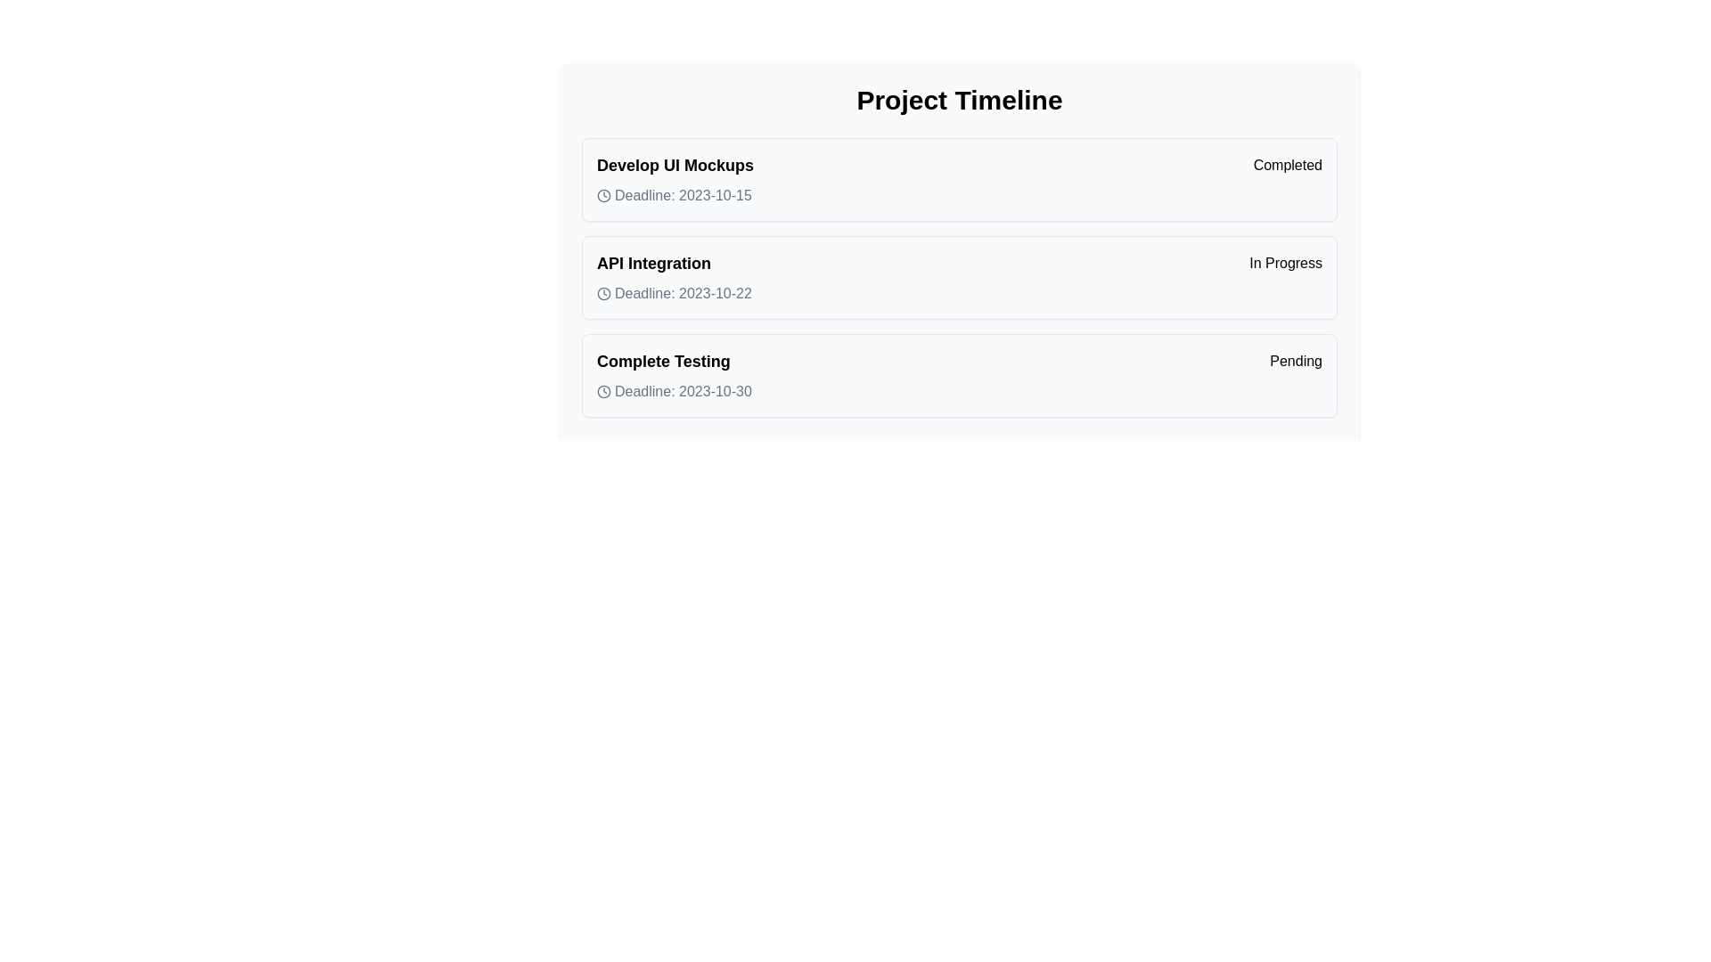 The image size is (1711, 962). What do you see at coordinates (673, 293) in the screenshot?
I see `deadline information displayed as 'Deadline: 2023-10-22' within the API Integration section, which features a clock icon` at bounding box center [673, 293].